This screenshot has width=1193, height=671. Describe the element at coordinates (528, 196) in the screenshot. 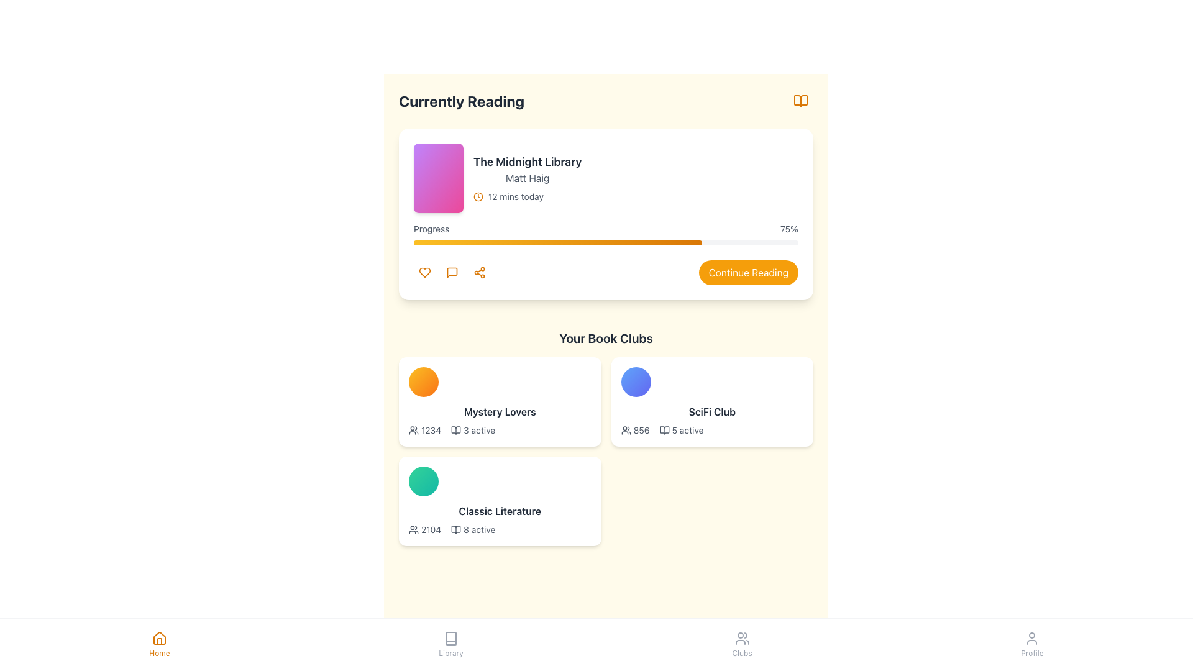

I see `the Icon and Label Pair that features a clock icon with an amber-colored stroke and the text '12 mins today' in gray, located in the 'Currently Reading' section under 'The Midnight Library' by 'Matt Haig'` at that location.